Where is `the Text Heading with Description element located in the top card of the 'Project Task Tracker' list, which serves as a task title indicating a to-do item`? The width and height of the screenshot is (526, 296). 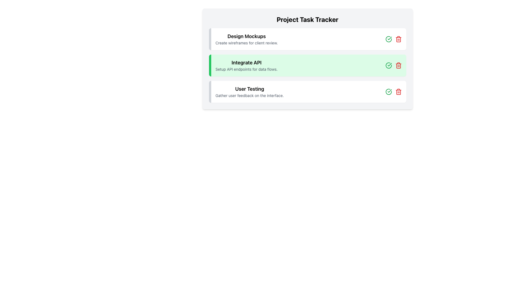
the Text Heading with Description element located in the top card of the 'Project Task Tracker' list, which serves as a task title indicating a to-do item is located at coordinates (246, 39).